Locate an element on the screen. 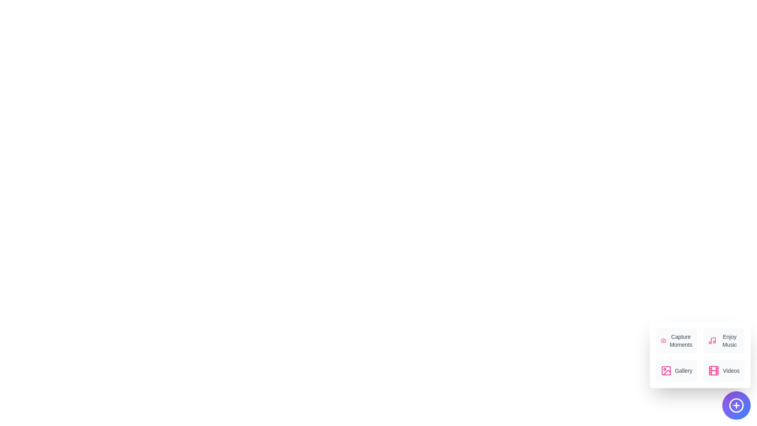 The width and height of the screenshot is (757, 426). the menu item labeled 'Videos' to observe its hover effect is located at coordinates (724, 371).